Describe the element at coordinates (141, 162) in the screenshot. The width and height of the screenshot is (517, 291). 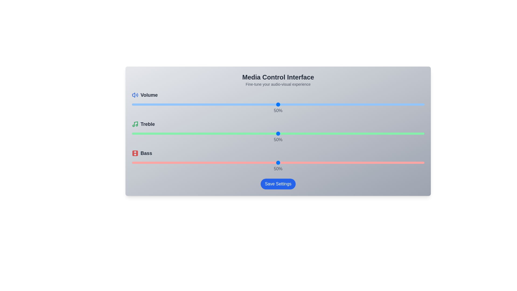
I see `bass level` at that location.